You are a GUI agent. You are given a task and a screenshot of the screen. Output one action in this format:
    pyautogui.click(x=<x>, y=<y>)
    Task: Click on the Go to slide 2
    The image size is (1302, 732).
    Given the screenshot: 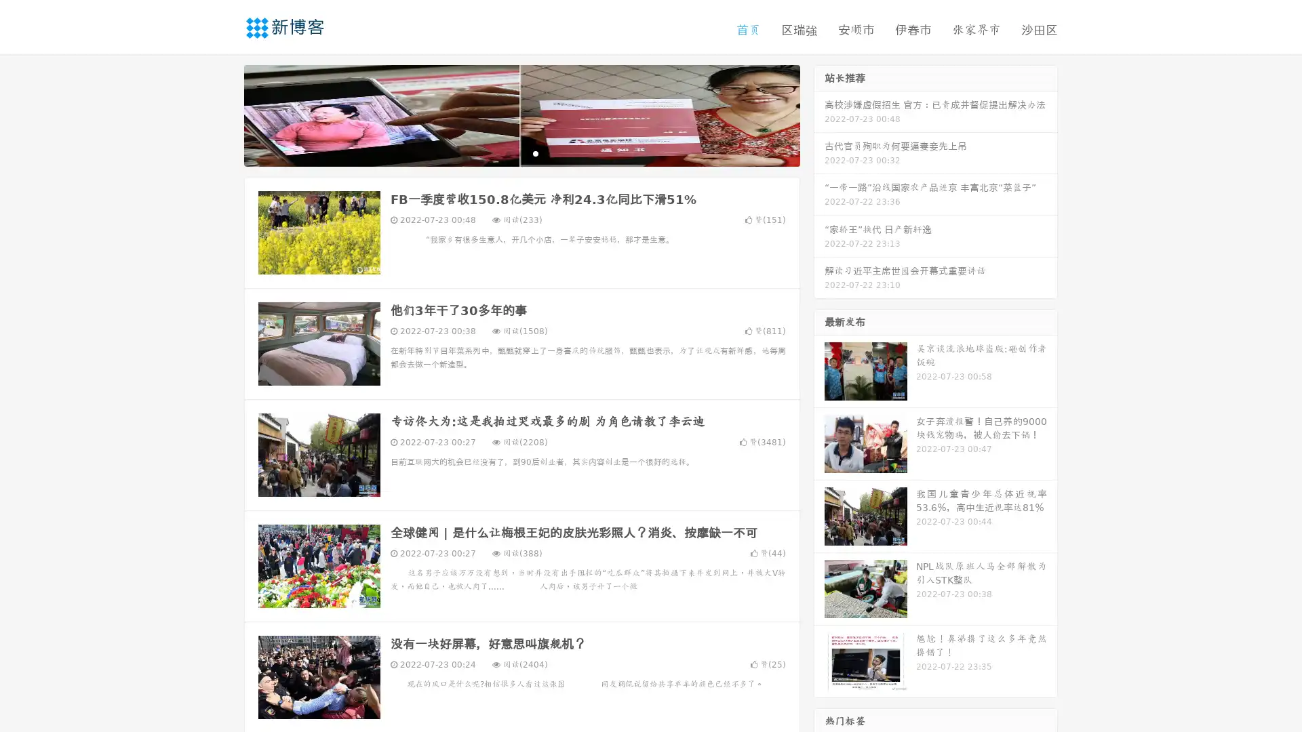 What is the action you would take?
    pyautogui.click(x=521, y=152)
    